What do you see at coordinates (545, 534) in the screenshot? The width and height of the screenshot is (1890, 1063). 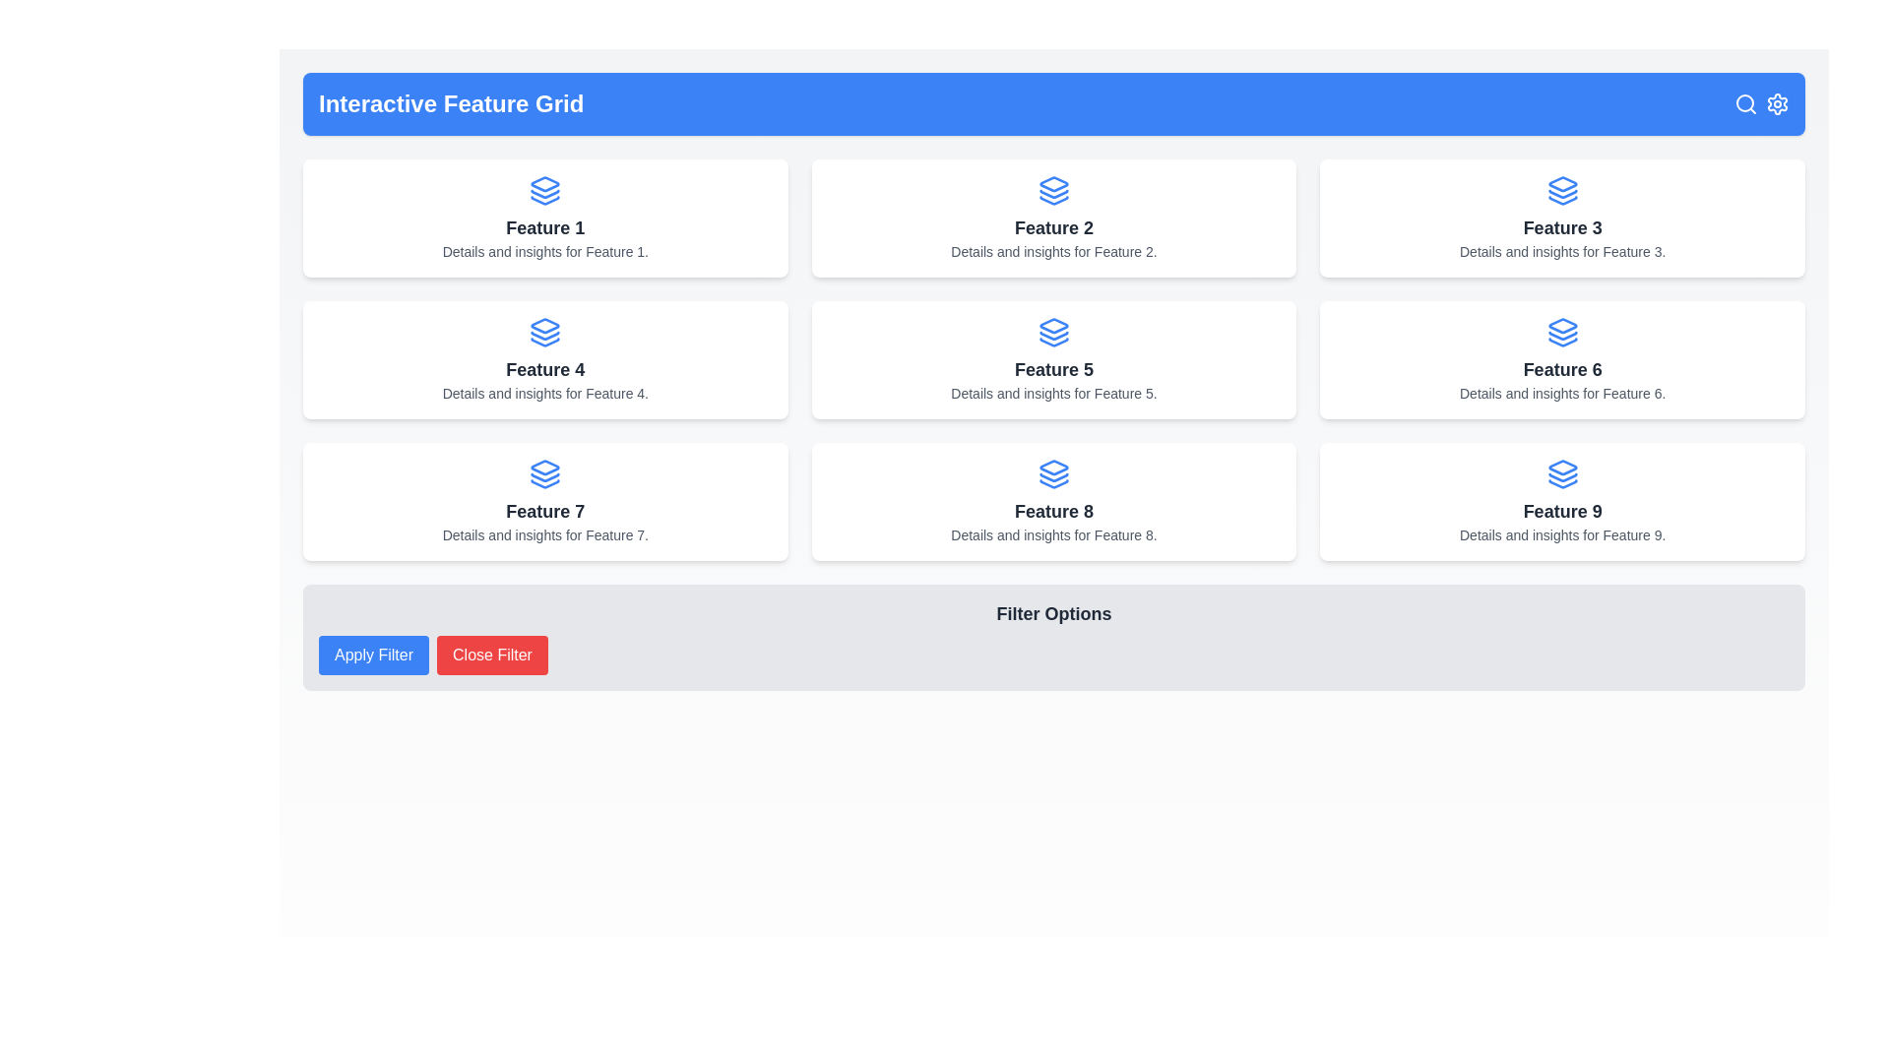 I see `the static text that provides details and insights for Feature 7, located beneath the heading 'Feature 7' in the card layout` at bounding box center [545, 534].